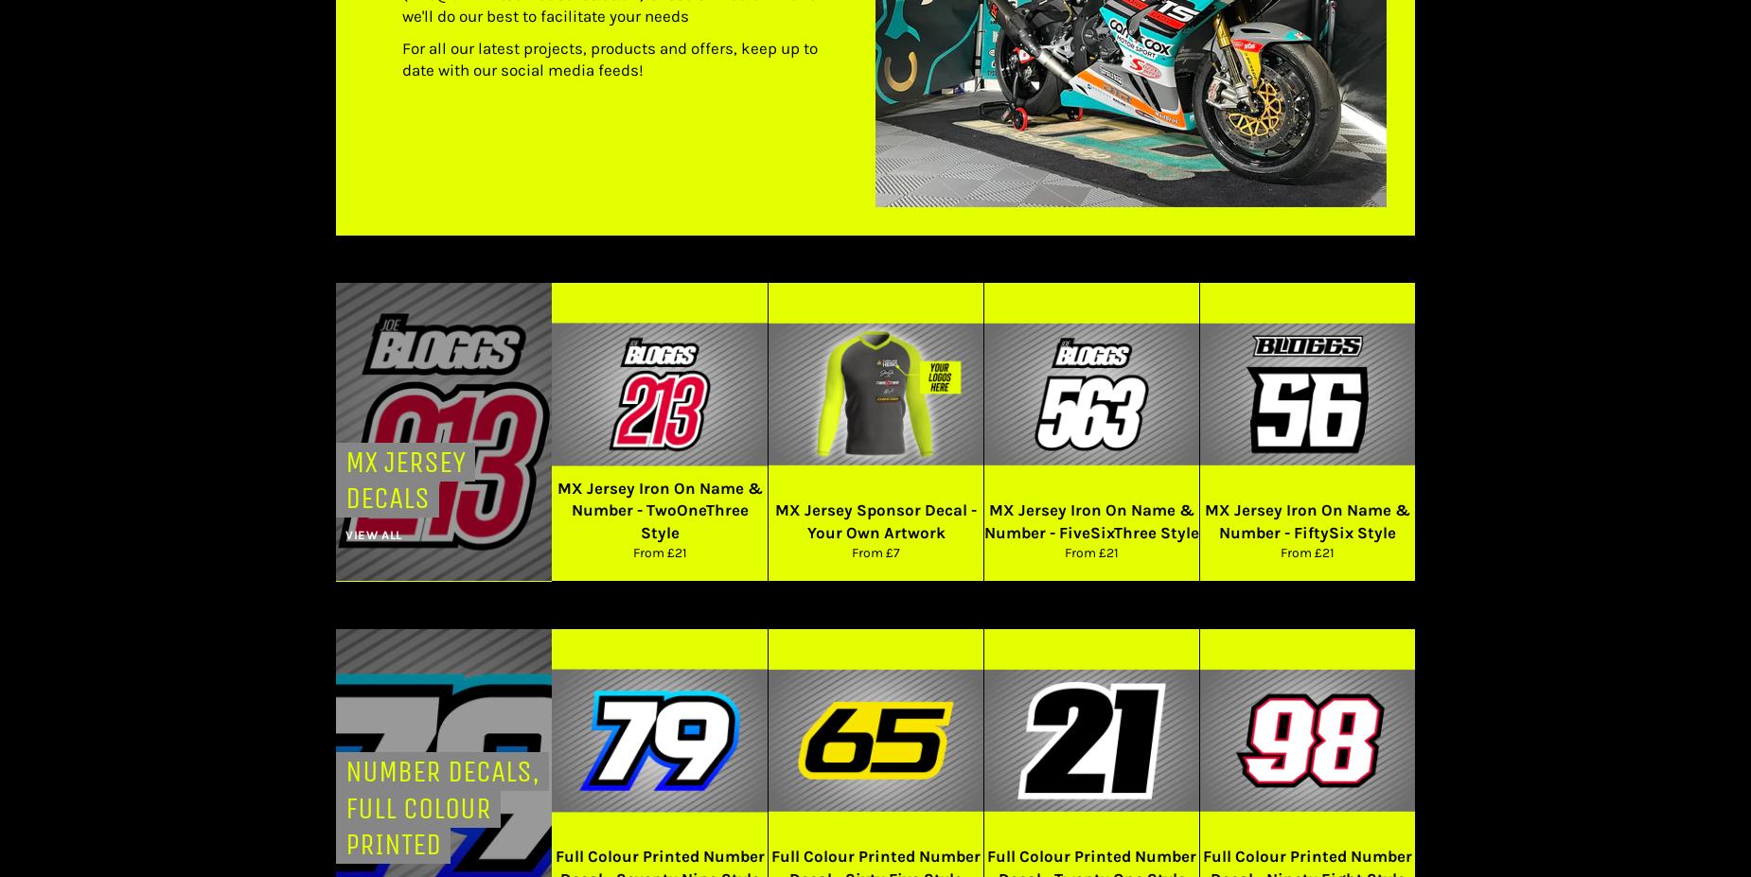  What do you see at coordinates (1090, 520) in the screenshot?
I see `'MX Jersey Iron On Name & Number - FiveSixThree Style'` at bounding box center [1090, 520].